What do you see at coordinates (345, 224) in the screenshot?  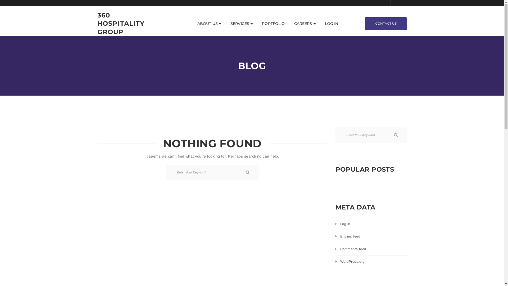 I see `'Log in'` at bounding box center [345, 224].